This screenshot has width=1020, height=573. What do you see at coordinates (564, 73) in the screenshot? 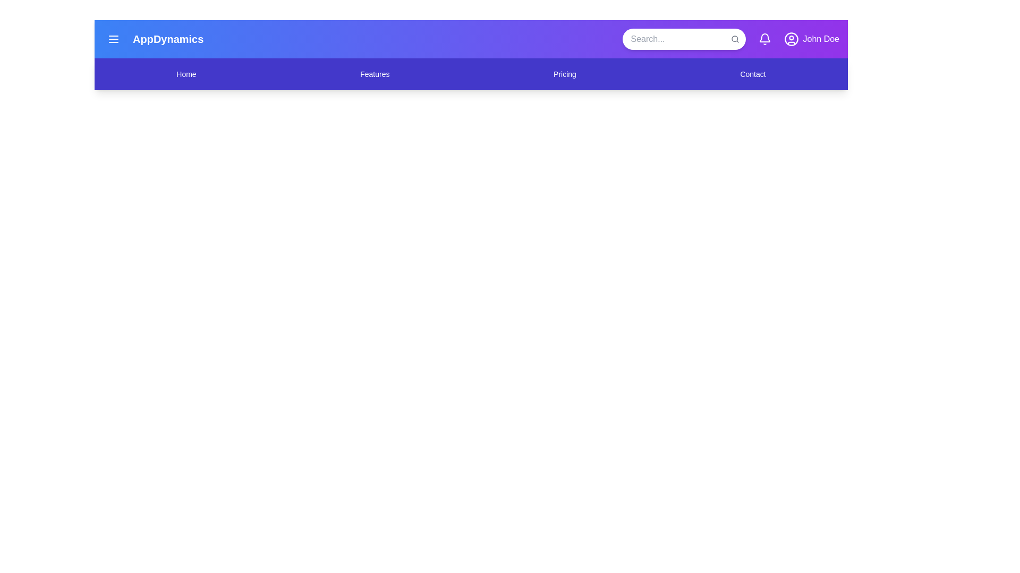
I see `the navigation link labeled Pricing` at bounding box center [564, 73].